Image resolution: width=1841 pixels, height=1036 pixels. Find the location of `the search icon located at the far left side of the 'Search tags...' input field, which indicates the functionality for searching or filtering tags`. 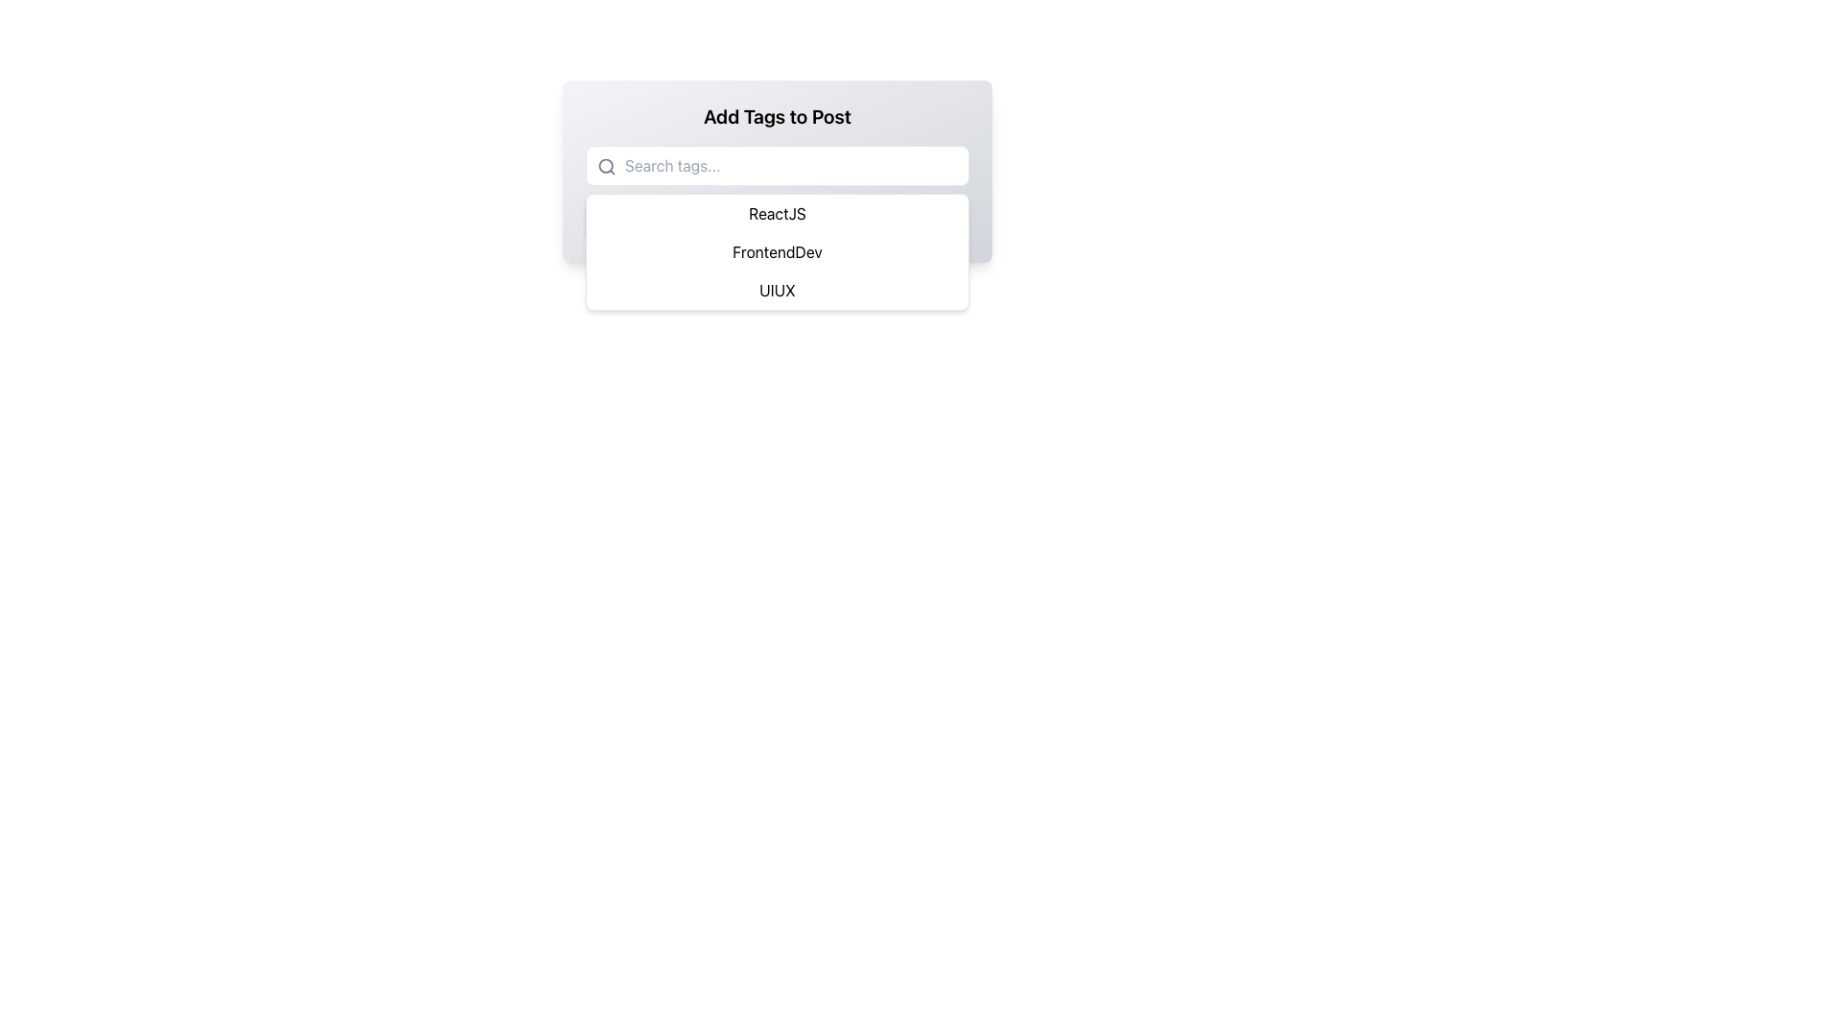

the search icon located at the far left side of the 'Search tags...' input field, which indicates the functionality for searching or filtering tags is located at coordinates (606, 165).